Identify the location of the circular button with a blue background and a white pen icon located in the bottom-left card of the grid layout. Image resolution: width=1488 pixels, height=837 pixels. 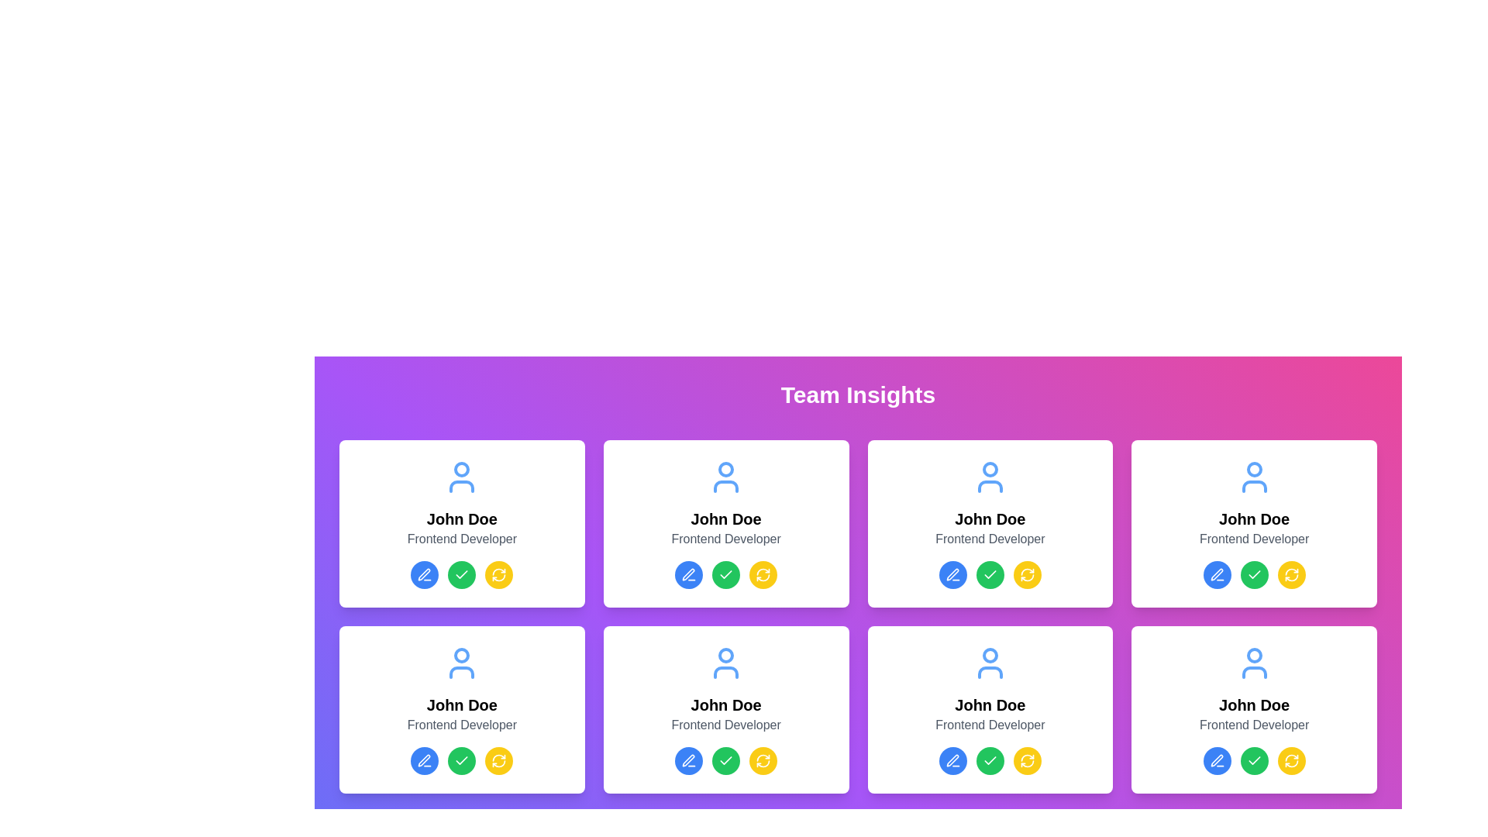
(688, 760).